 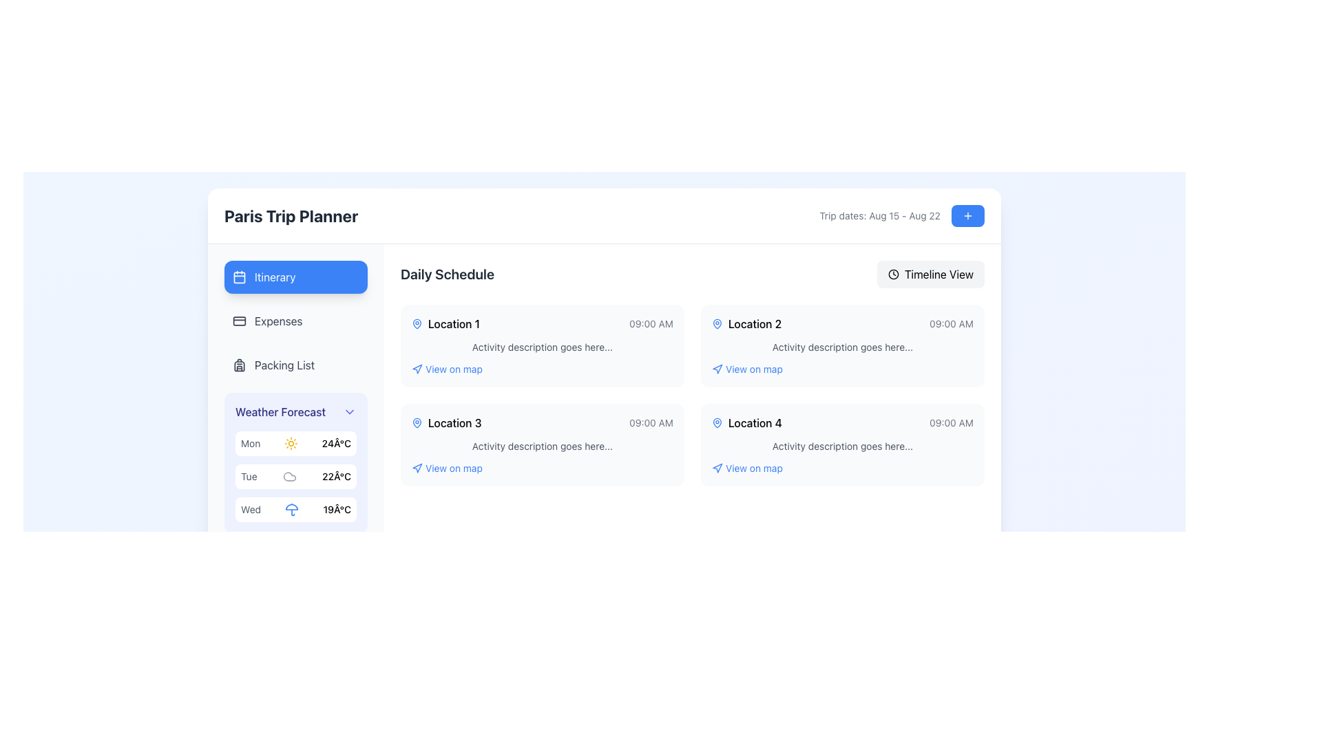 What do you see at coordinates (717, 368) in the screenshot?
I see `the design of the small navigation arrow icon located in the right column associated with 'Location 2', which is positioned immediately to the left of the 'View on map' text link` at bounding box center [717, 368].